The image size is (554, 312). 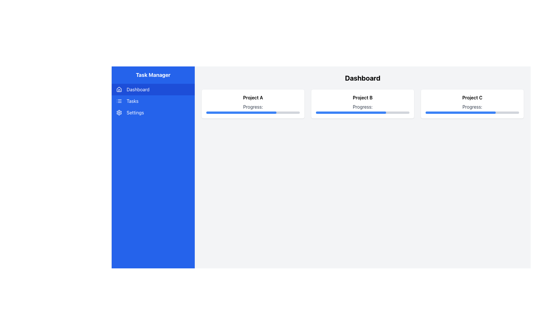 I want to click on the 'Settings' text label with a blue background and white font in the vertical navigation menu, so click(x=135, y=112).